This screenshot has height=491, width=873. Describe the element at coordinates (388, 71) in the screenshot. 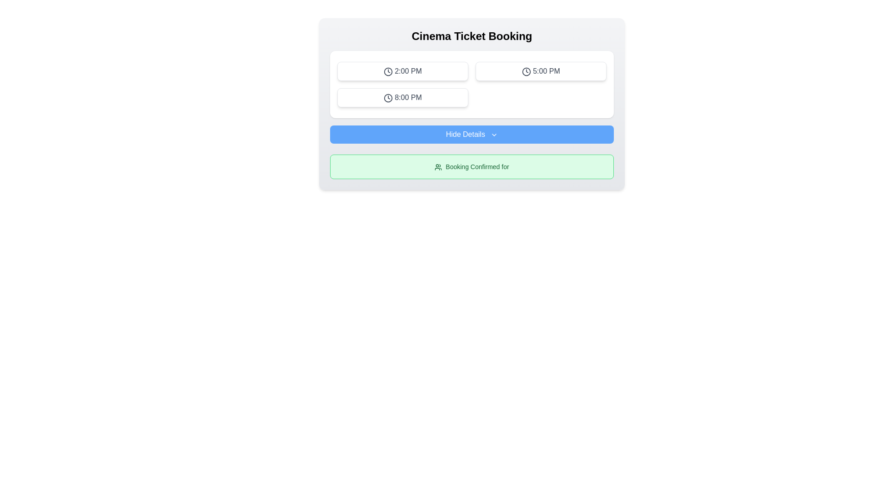

I see `the decorative circle within the clock graphic that visually represents time, located next to the '2:00 PM' label in the upper-left section of the interface` at that location.